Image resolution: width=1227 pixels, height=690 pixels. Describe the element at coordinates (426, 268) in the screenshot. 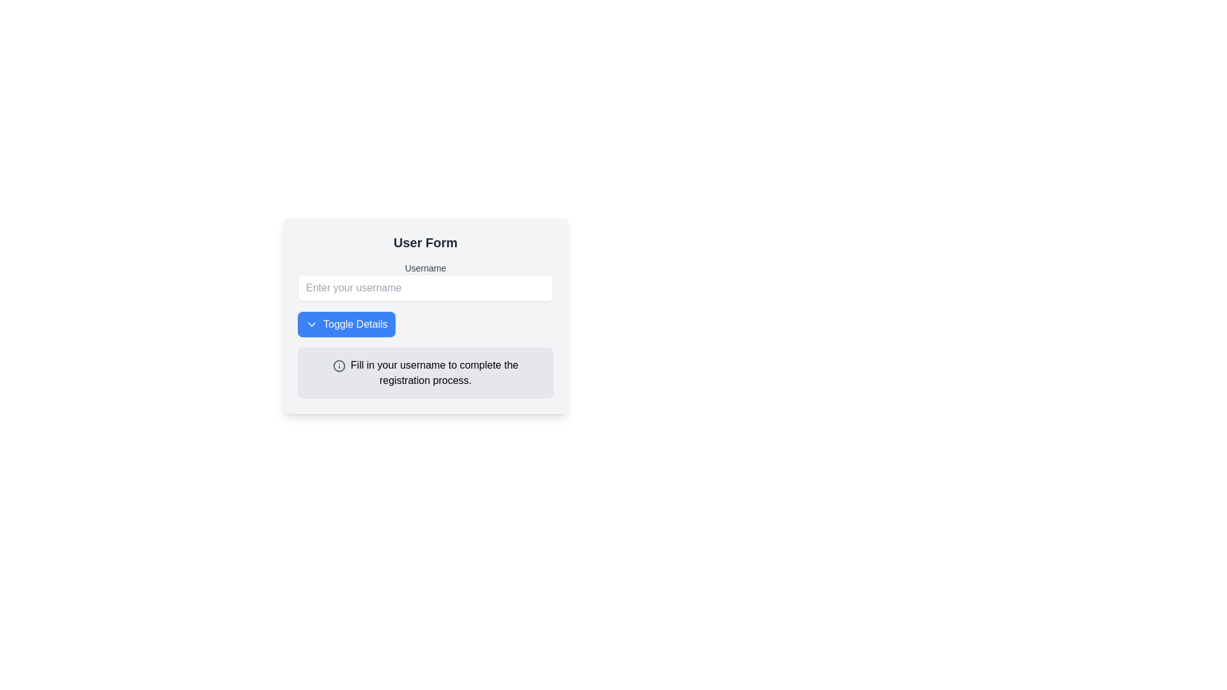

I see `the 'Username' label, which is styled in a small font with medium weight and gray color, located under the 'User Form' heading and above the 'Enter your username' input field` at that location.